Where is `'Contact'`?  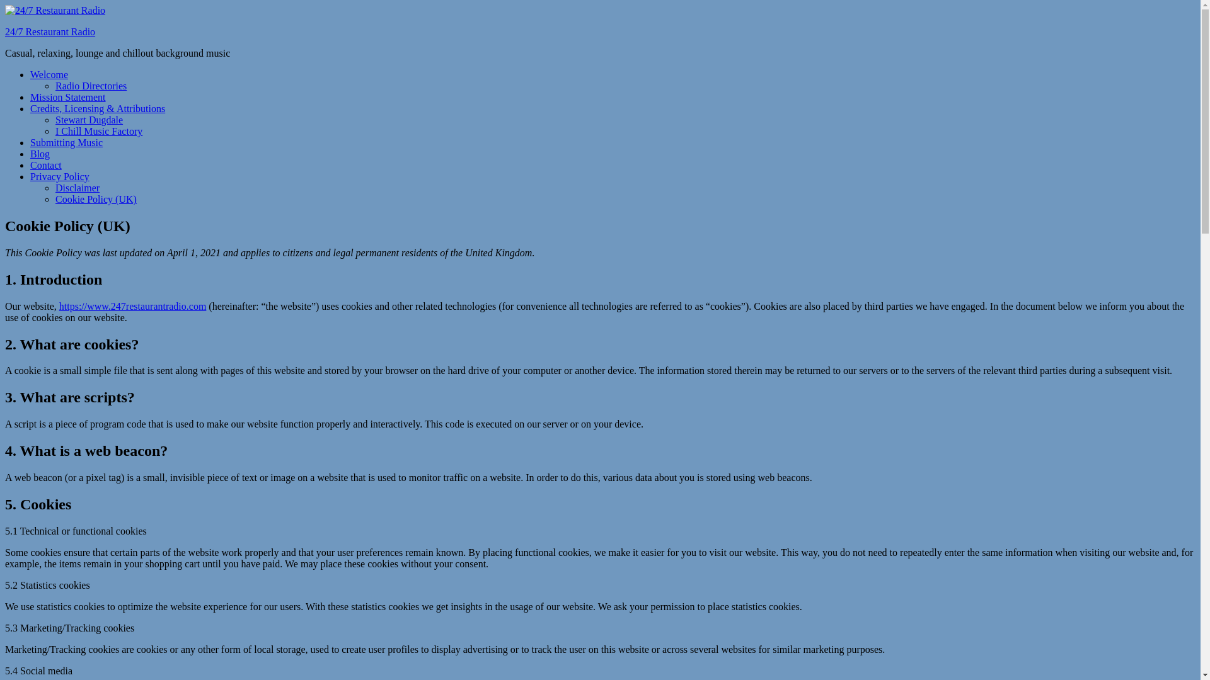
'Contact' is located at coordinates (45, 164).